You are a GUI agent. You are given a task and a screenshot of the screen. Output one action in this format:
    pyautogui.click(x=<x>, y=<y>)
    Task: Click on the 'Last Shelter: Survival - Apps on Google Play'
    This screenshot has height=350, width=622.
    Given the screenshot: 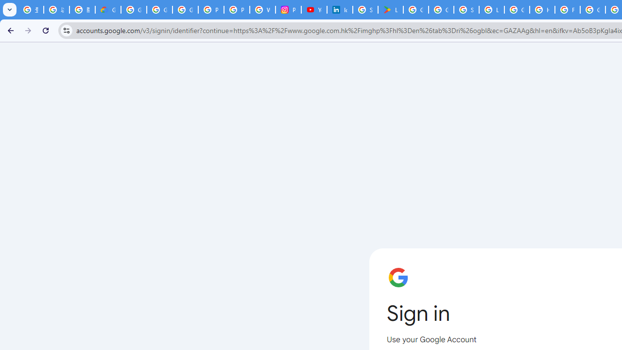 What is the action you would take?
    pyautogui.click(x=390, y=10)
    